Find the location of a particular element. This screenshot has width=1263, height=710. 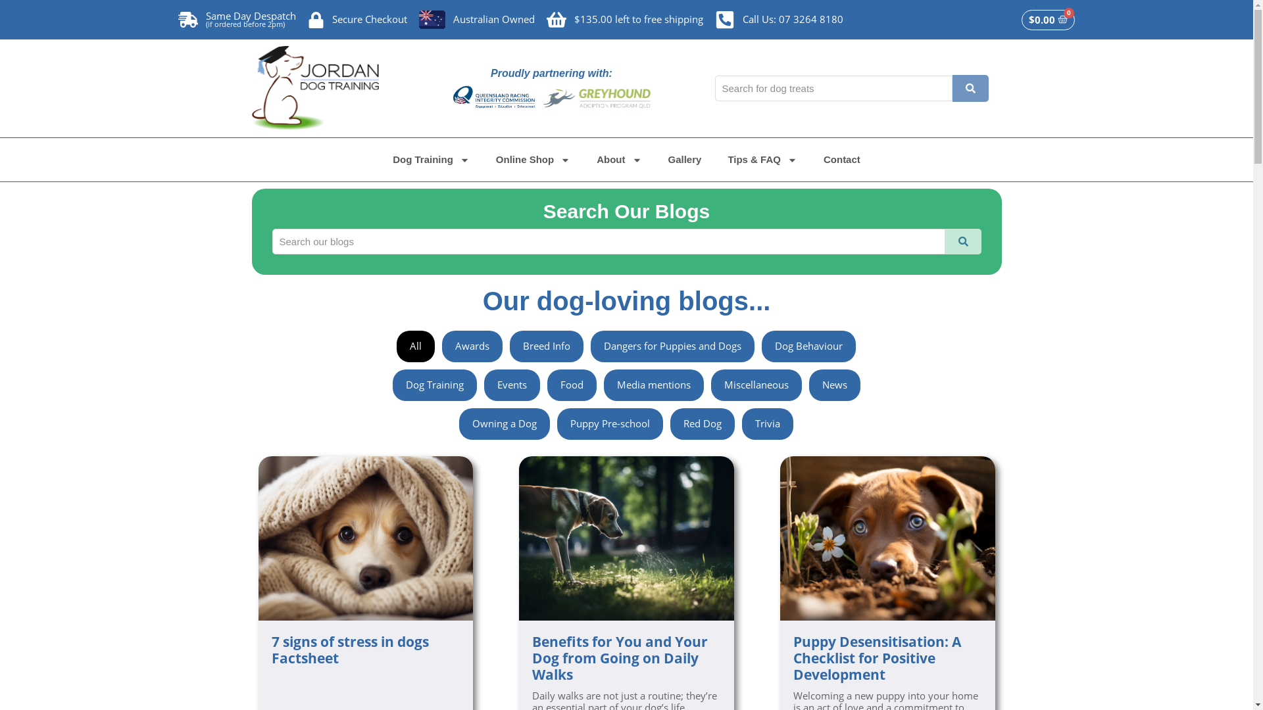

'News' is located at coordinates (833, 385).